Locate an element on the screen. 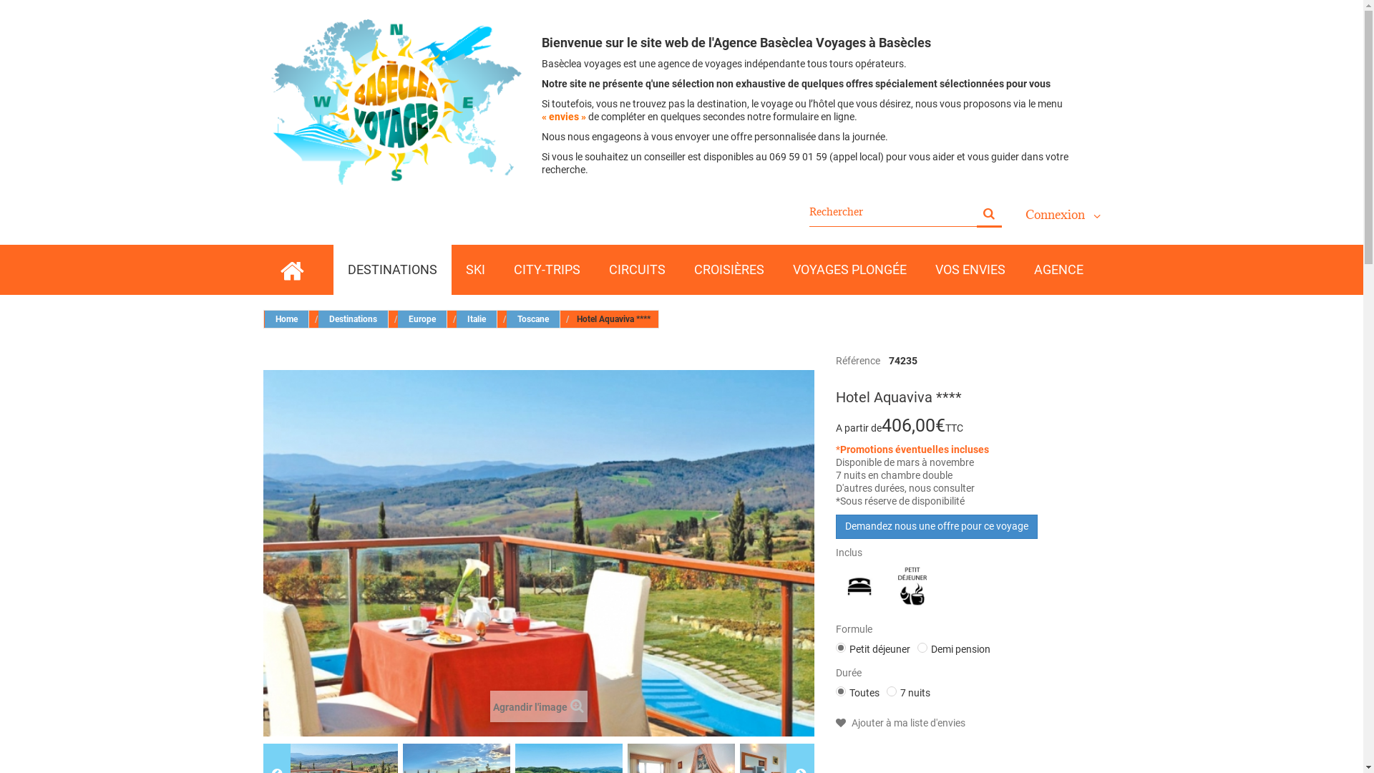 The image size is (1374, 773). 'Destinations' is located at coordinates (353, 319).